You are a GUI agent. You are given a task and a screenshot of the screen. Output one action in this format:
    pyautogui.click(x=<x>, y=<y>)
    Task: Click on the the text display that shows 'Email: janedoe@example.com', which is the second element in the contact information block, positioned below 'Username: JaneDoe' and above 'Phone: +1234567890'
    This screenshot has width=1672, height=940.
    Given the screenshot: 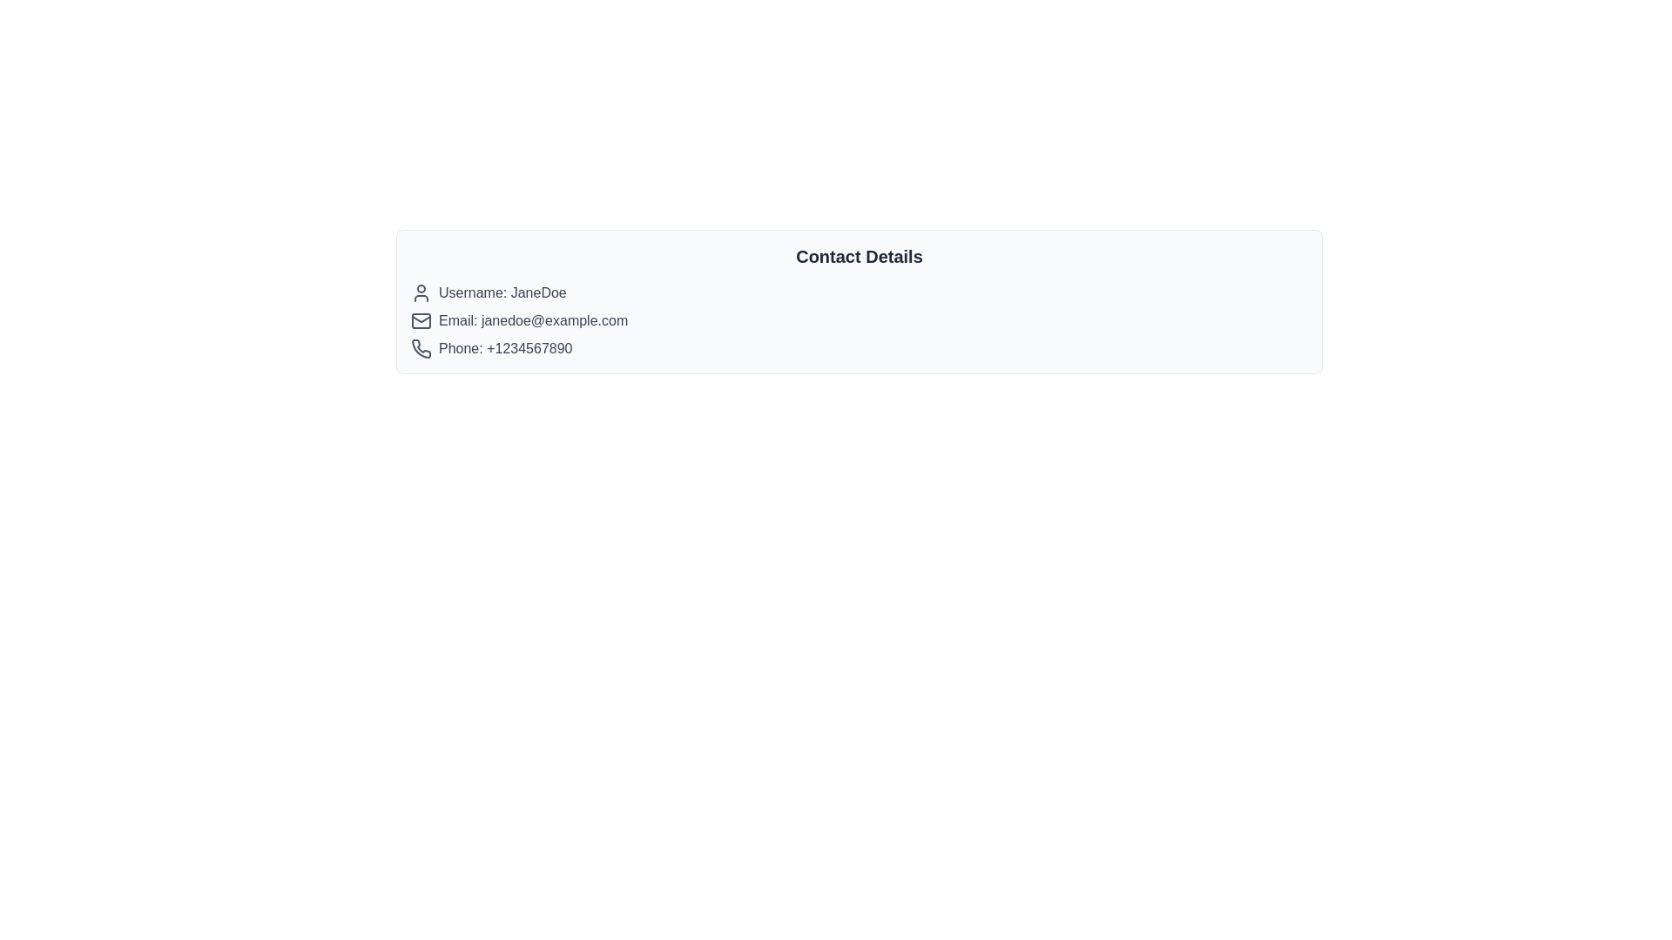 What is the action you would take?
    pyautogui.click(x=532, y=321)
    